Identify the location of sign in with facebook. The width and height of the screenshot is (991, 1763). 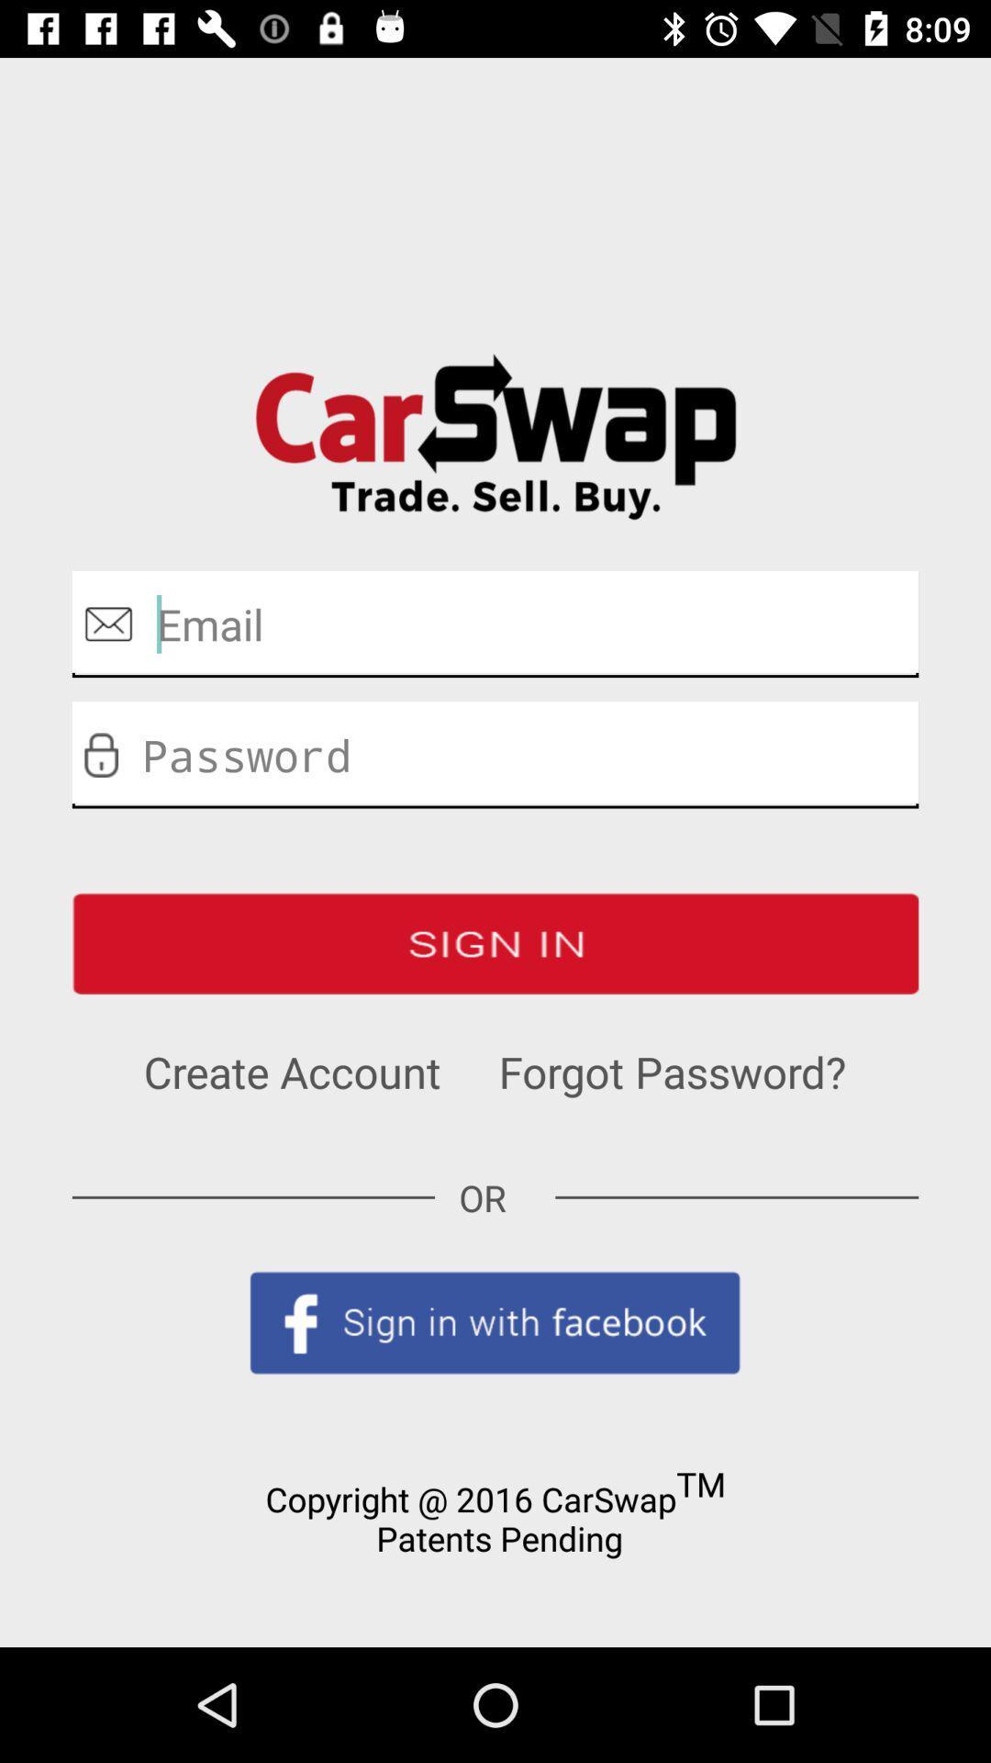
(495, 1322).